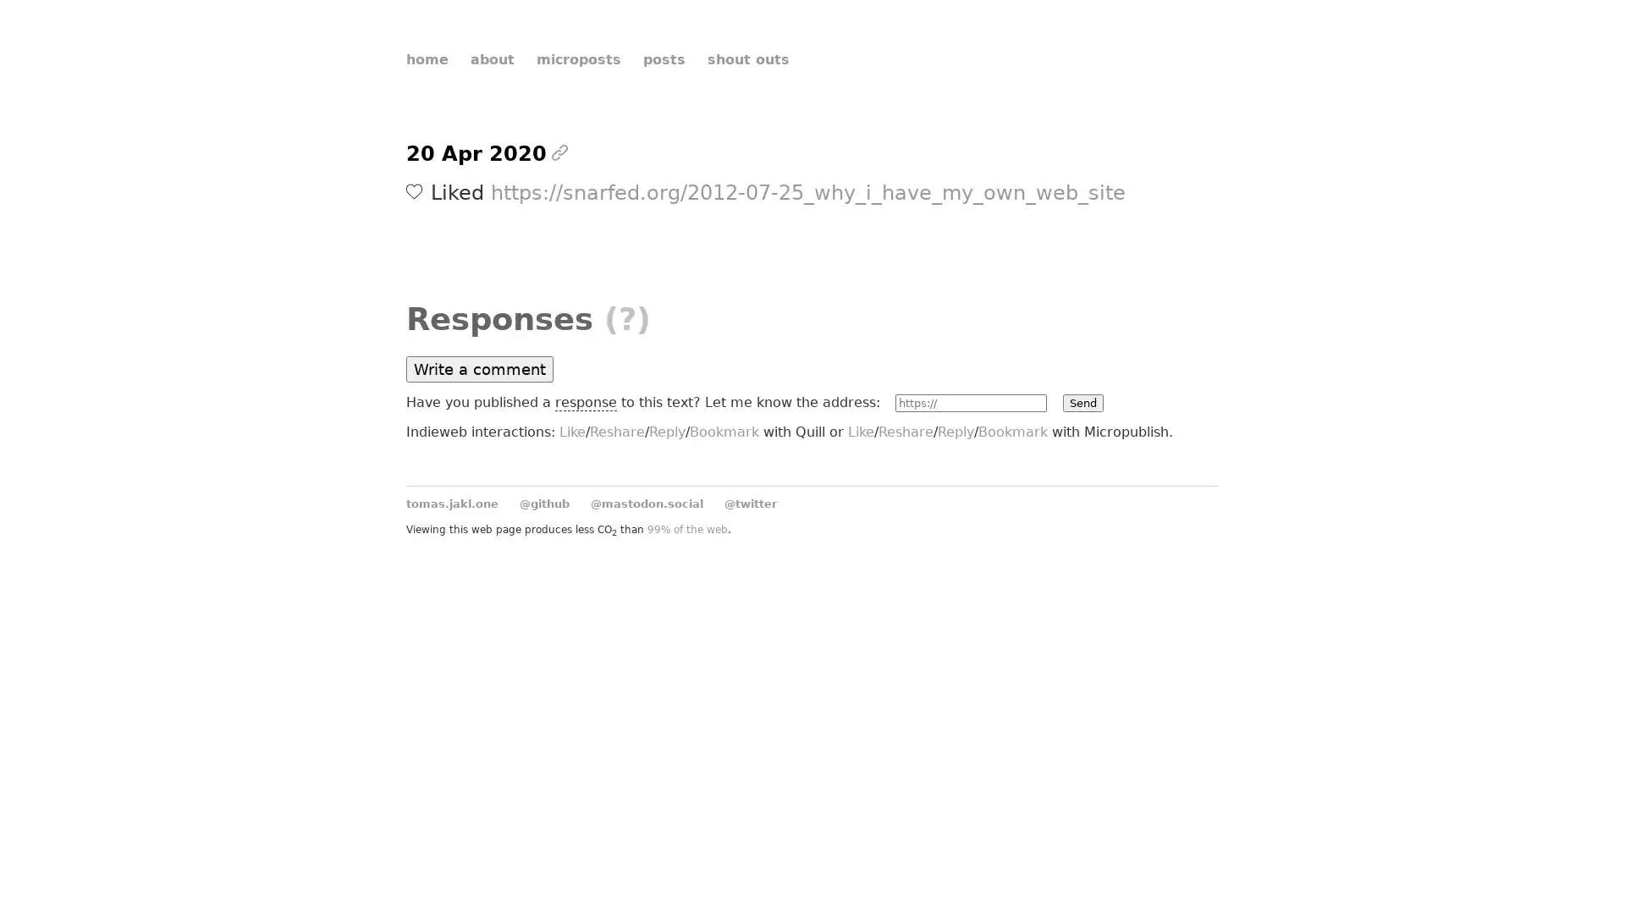 This screenshot has height=914, width=1625. Describe the element at coordinates (1081, 402) in the screenshot. I see `Send` at that location.